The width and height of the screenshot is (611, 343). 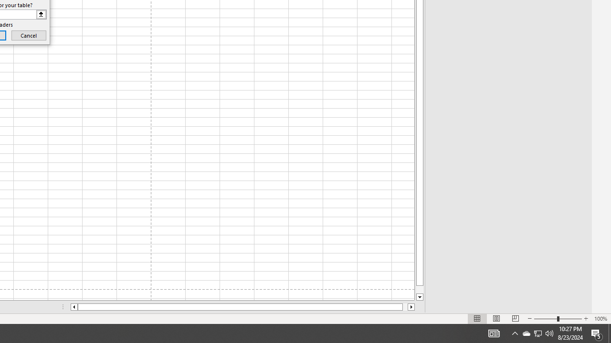 I want to click on 'Page Break Preview', so click(x=515, y=319).